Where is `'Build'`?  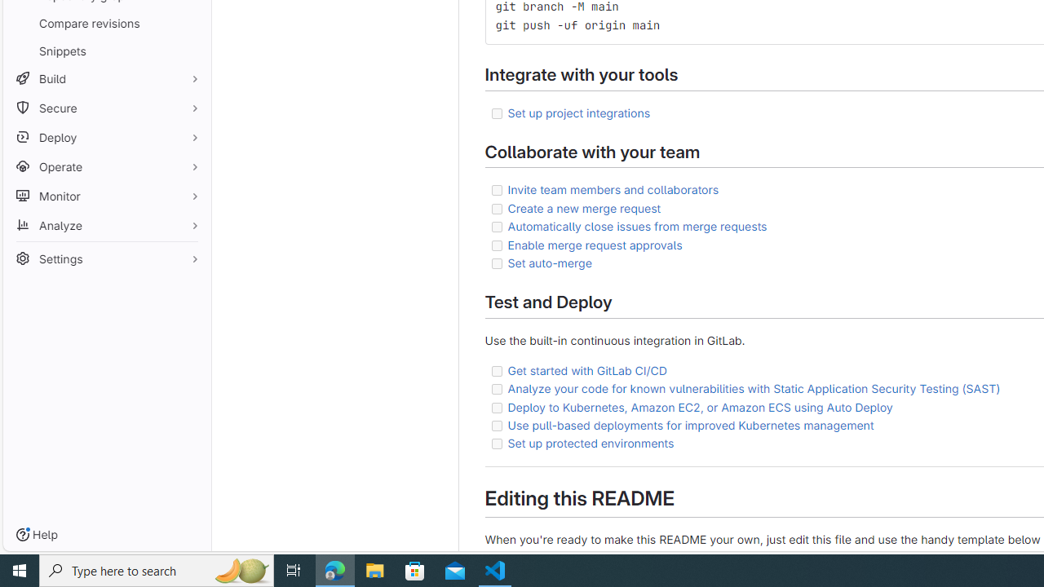
'Build' is located at coordinates (106, 78).